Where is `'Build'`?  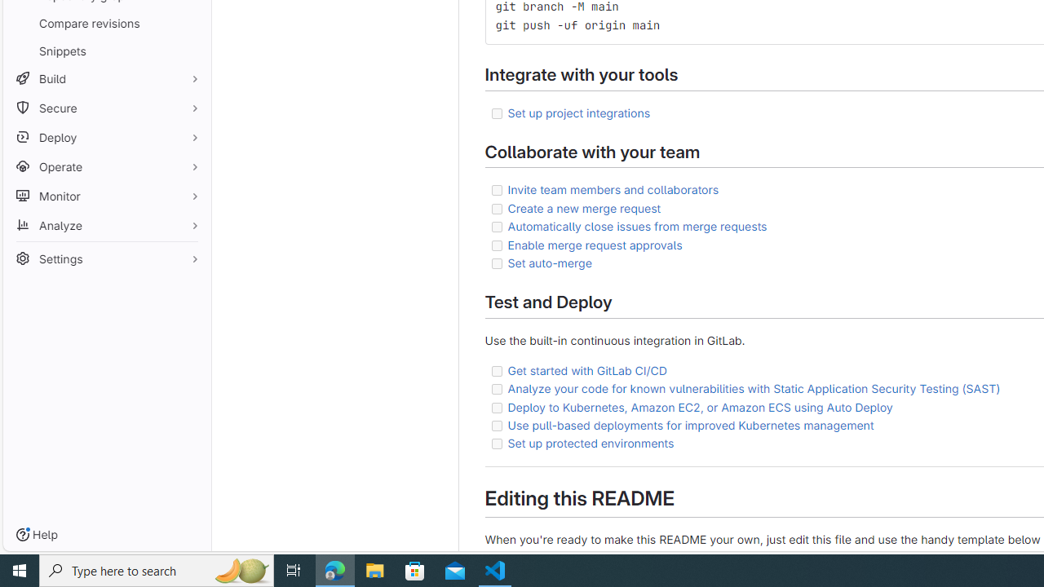
'Build' is located at coordinates (106, 78).